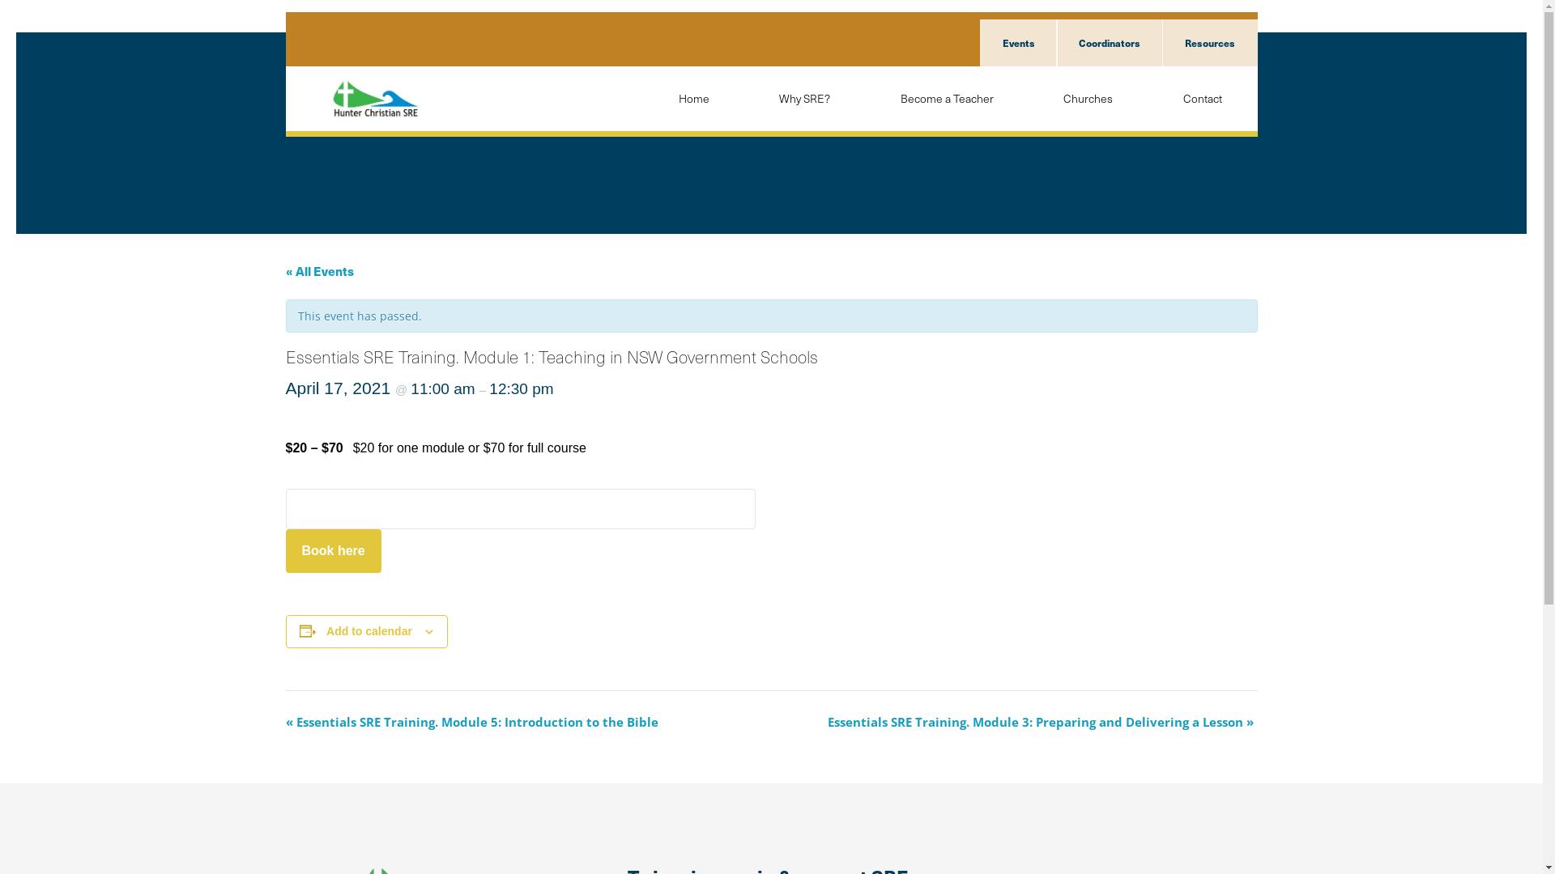 Image resolution: width=1555 pixels, height=874 pixels. Describe the element at coordinates (1088, 99) in the screenshot. I see `'Churches'` at that location.